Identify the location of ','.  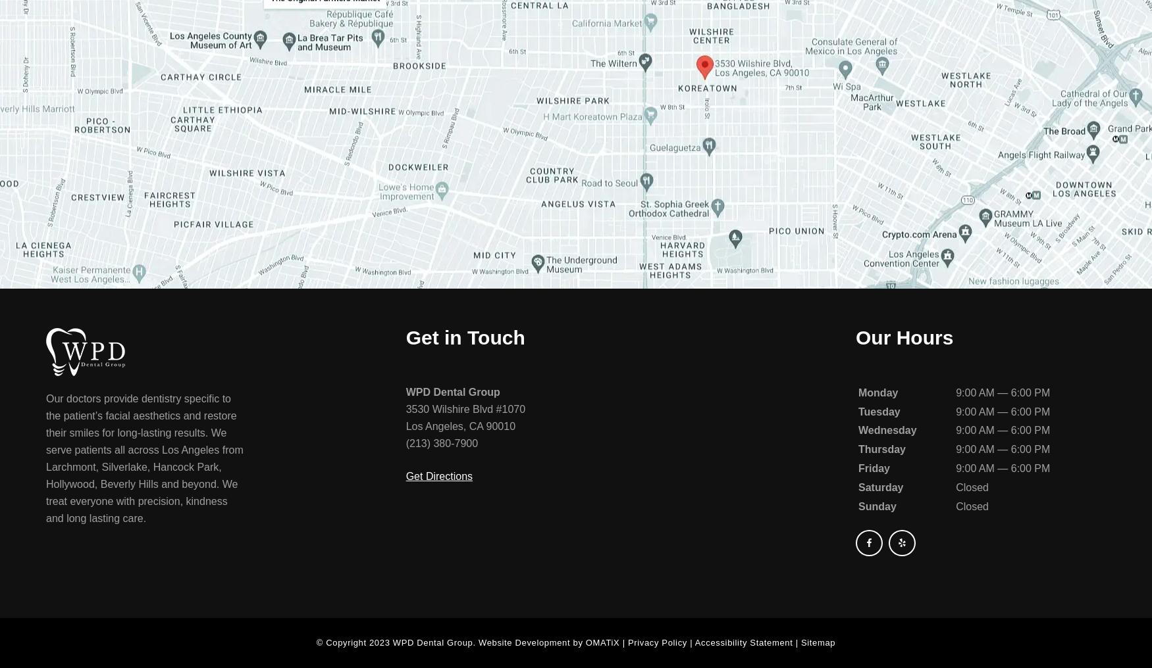
(462, 425).